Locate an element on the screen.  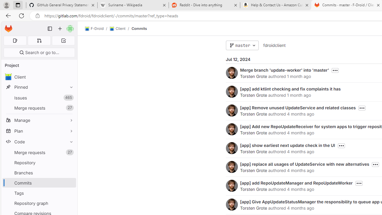
'Pin Branches' is located at coordinates (70, 173).